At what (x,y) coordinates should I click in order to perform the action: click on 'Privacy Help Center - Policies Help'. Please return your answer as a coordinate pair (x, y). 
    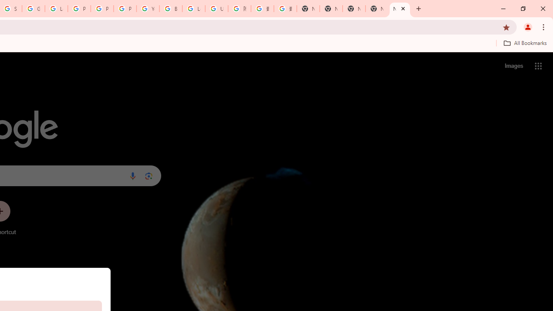
    Looking at the image, I should click on (102, 9).